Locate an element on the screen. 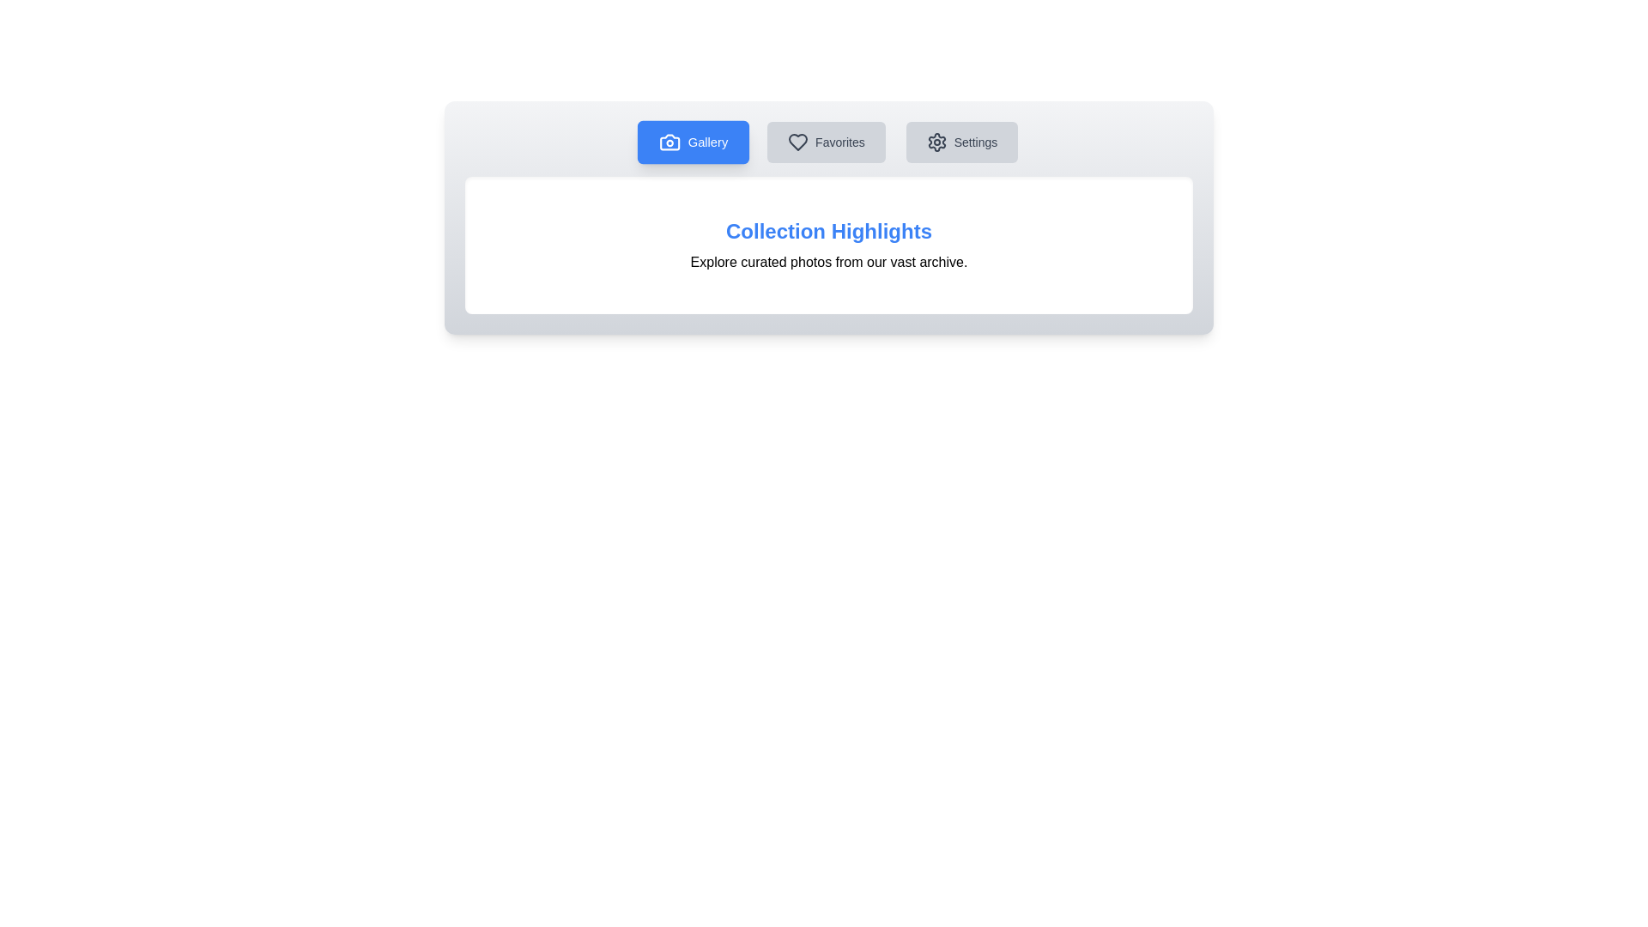 Image resolution: width=1648 pixels, height=927 pixels. the Favorites button to inspect its functionality is located at coordinates (826, 141).